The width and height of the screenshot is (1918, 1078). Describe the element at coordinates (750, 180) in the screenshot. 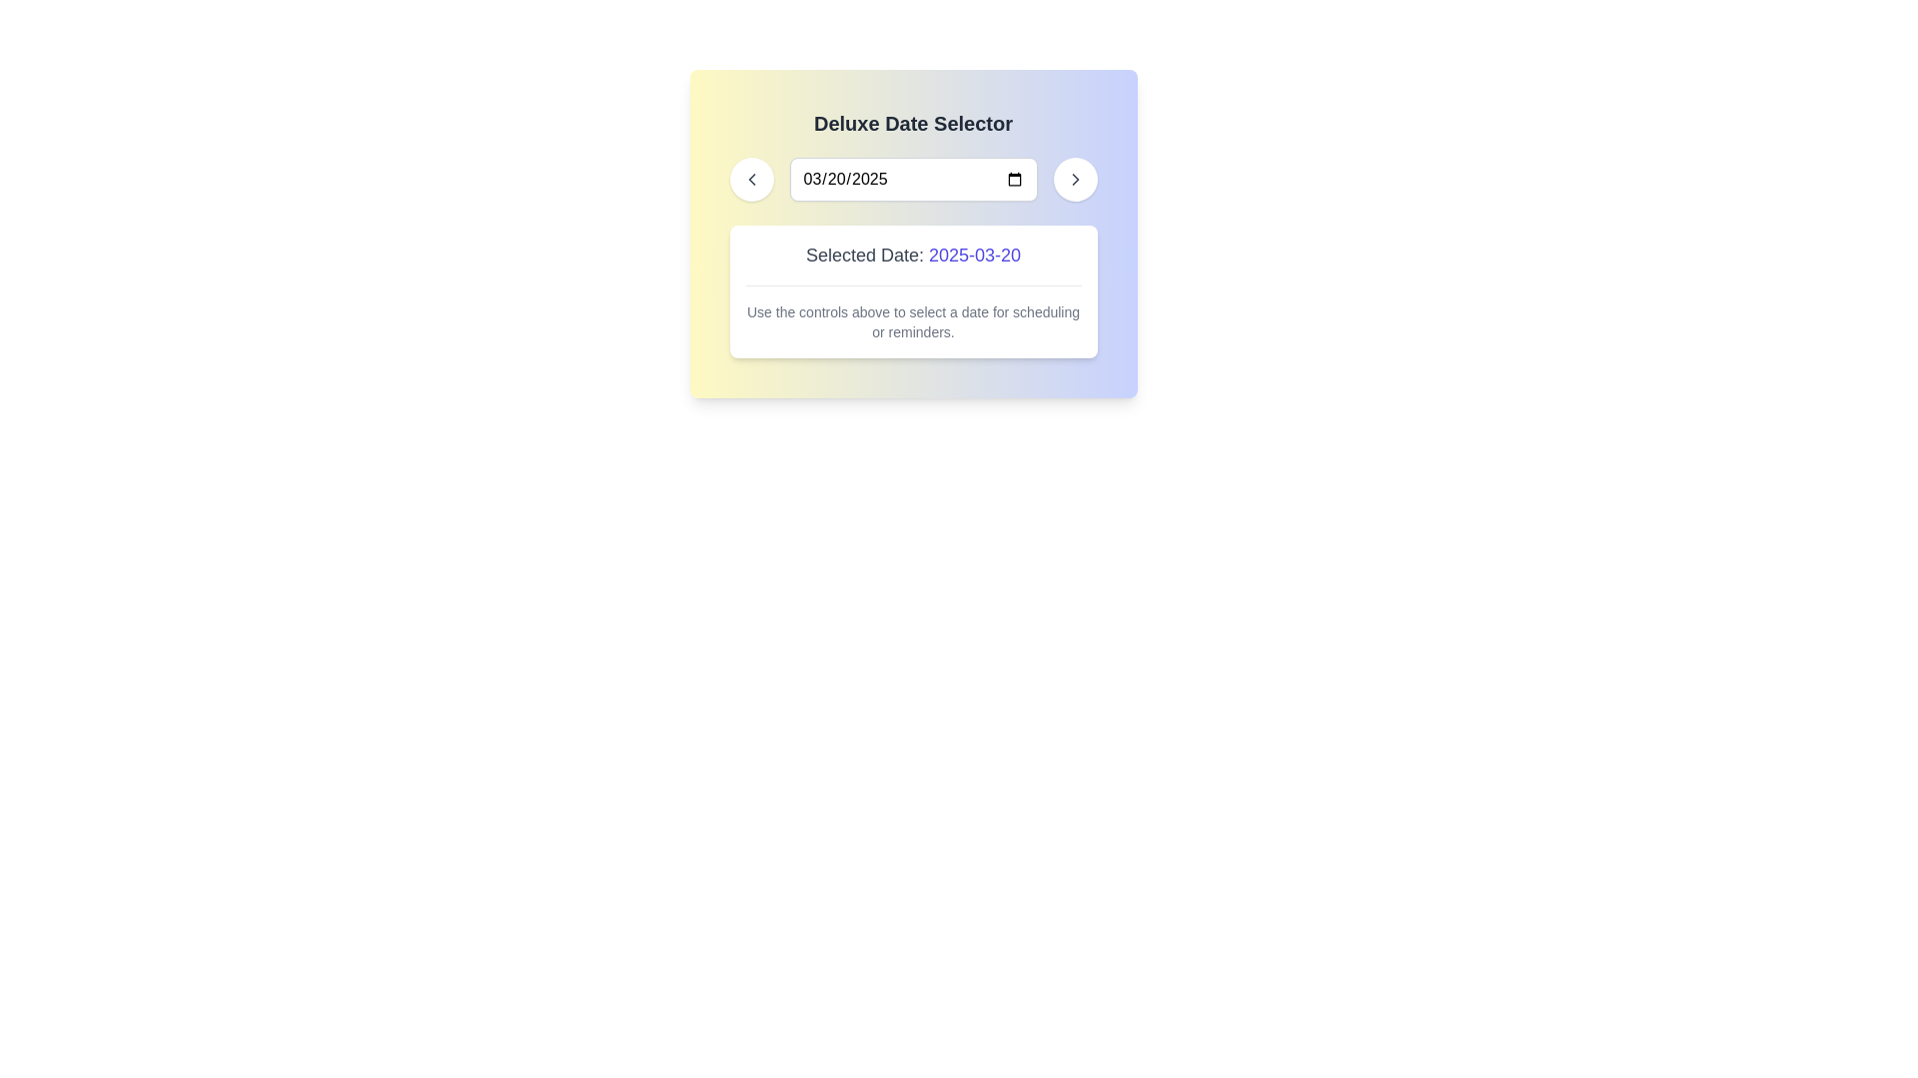

I see `the left navigation icon for the calendar date selector, which is part of a button group for navigating to previous items` at that location.